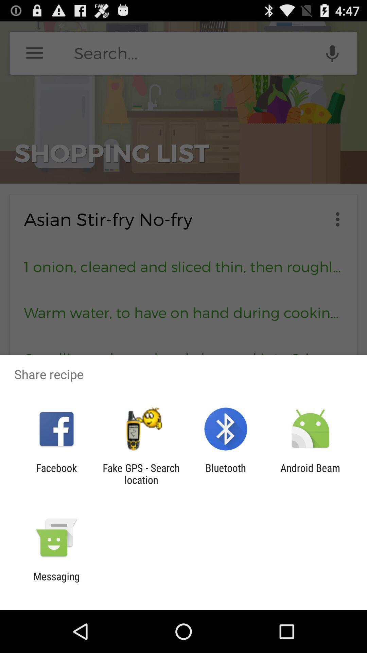  Describe the element at coordinates (310, 473) in the screenshot. I see `the item at the bottom right corner` at that location.